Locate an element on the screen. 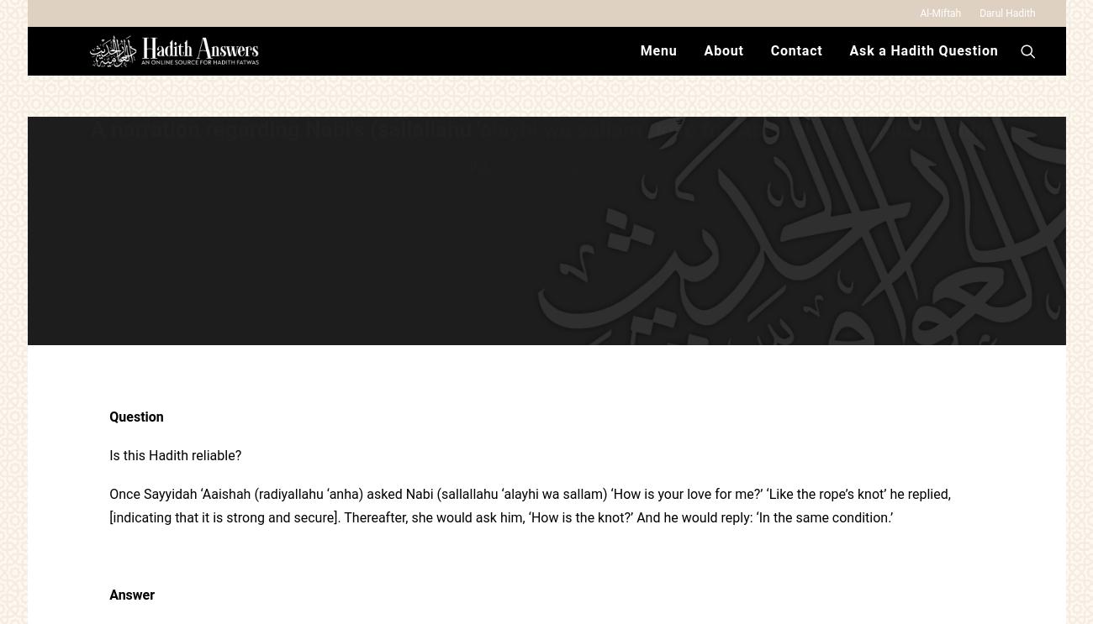  'Menu' is located at coordinates (639, 71).